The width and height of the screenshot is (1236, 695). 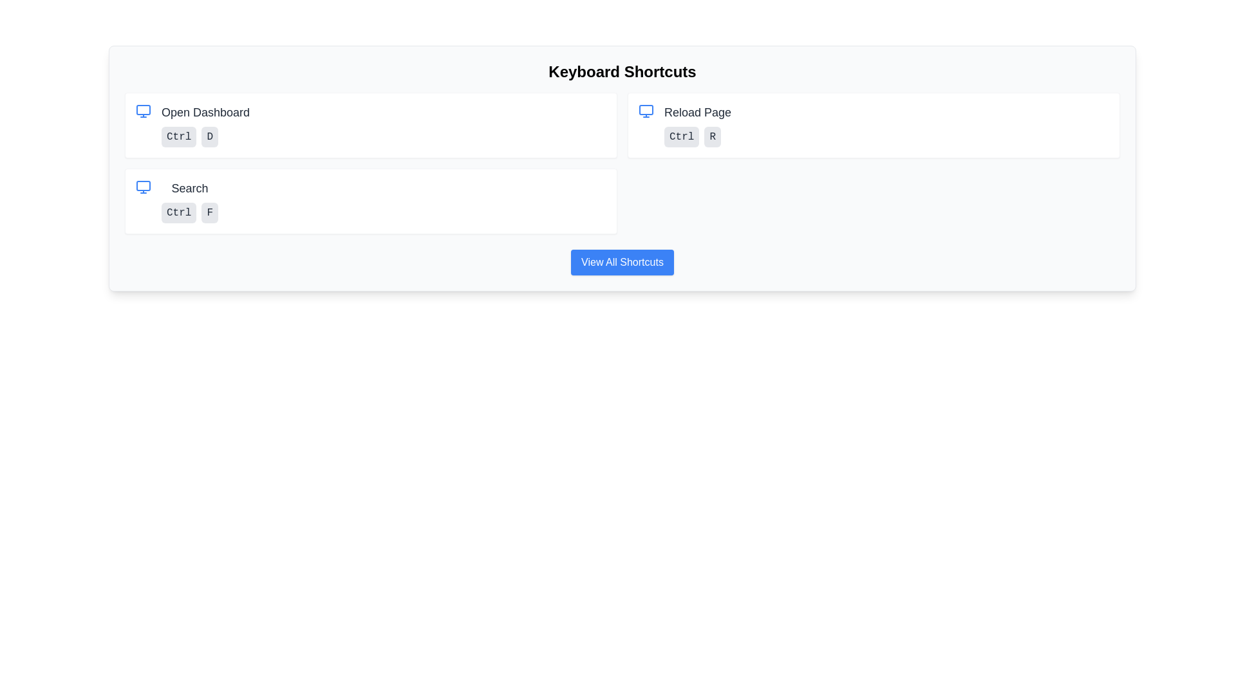 I want to click on the inner rounded rectangle of the blue monitor icon associated with the 'Reload Page' shortcut in the top-right section of the 'Keyboard Shortcuts' interface, so click(x=646, y=109).